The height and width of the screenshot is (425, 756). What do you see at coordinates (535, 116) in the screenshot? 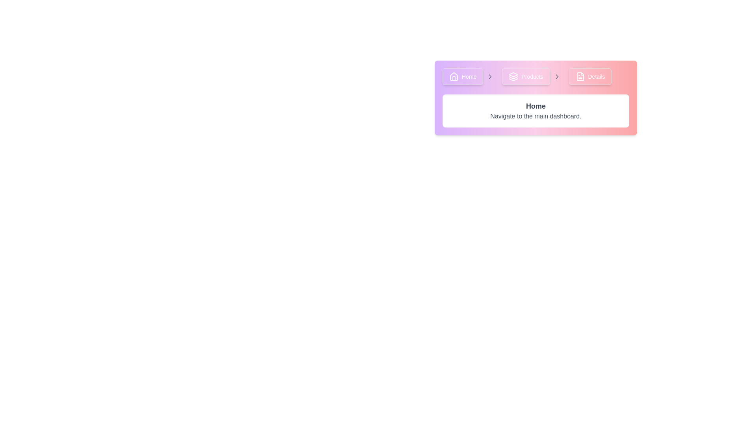
I see `the text label providing supplementary information related to the 'Home' section, located below the 'Home' text element on the right-hand side of the interface` at bounding box center [535, 116].